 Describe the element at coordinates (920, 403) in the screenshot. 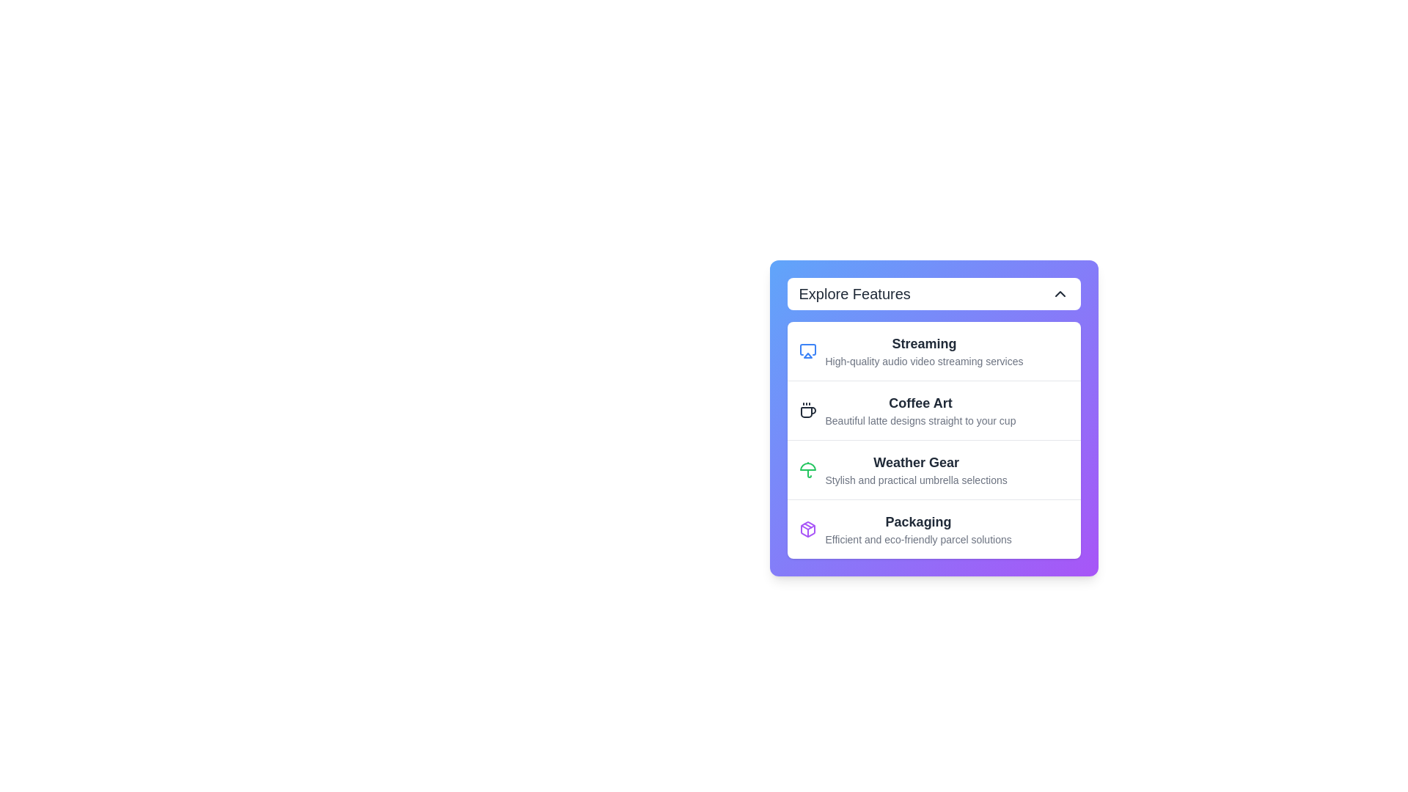

I see `the text label for 'Coffee Art'` at that location.